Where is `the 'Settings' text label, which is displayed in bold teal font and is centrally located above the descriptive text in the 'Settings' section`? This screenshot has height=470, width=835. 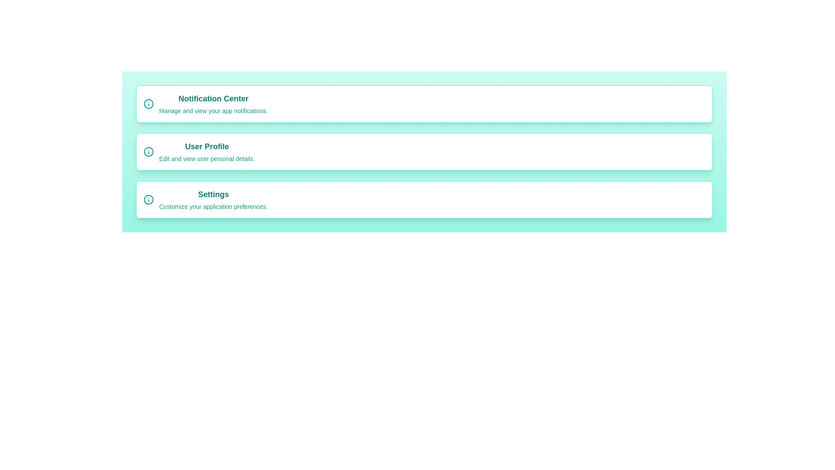 the 'Settings' text label, which is displayed in bold teal font and is centrally located above the descriptive text in the 'Settings' section is located at coordinates (213, 194).